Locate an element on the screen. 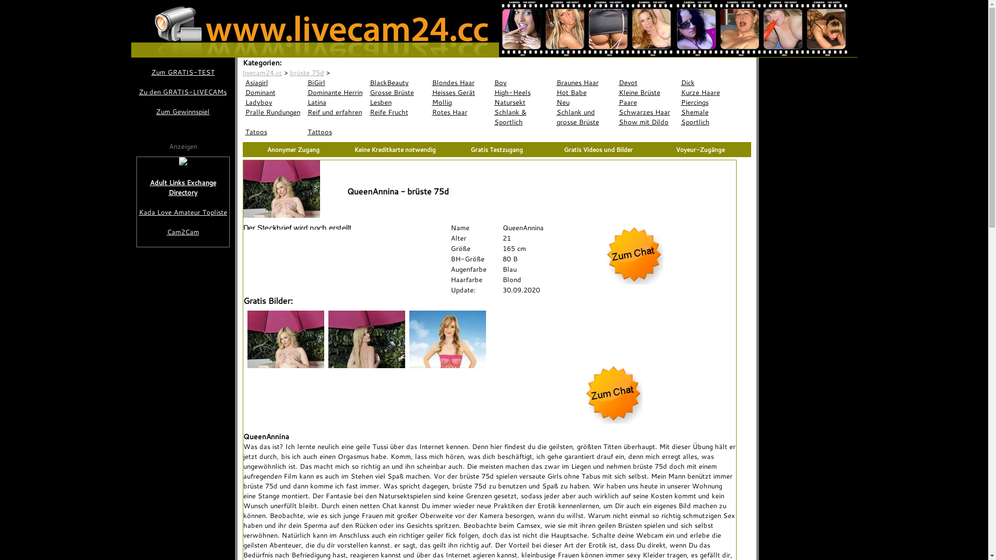 The image size is (996, 560). 'Piercings' is located at coordinates (679, 102).